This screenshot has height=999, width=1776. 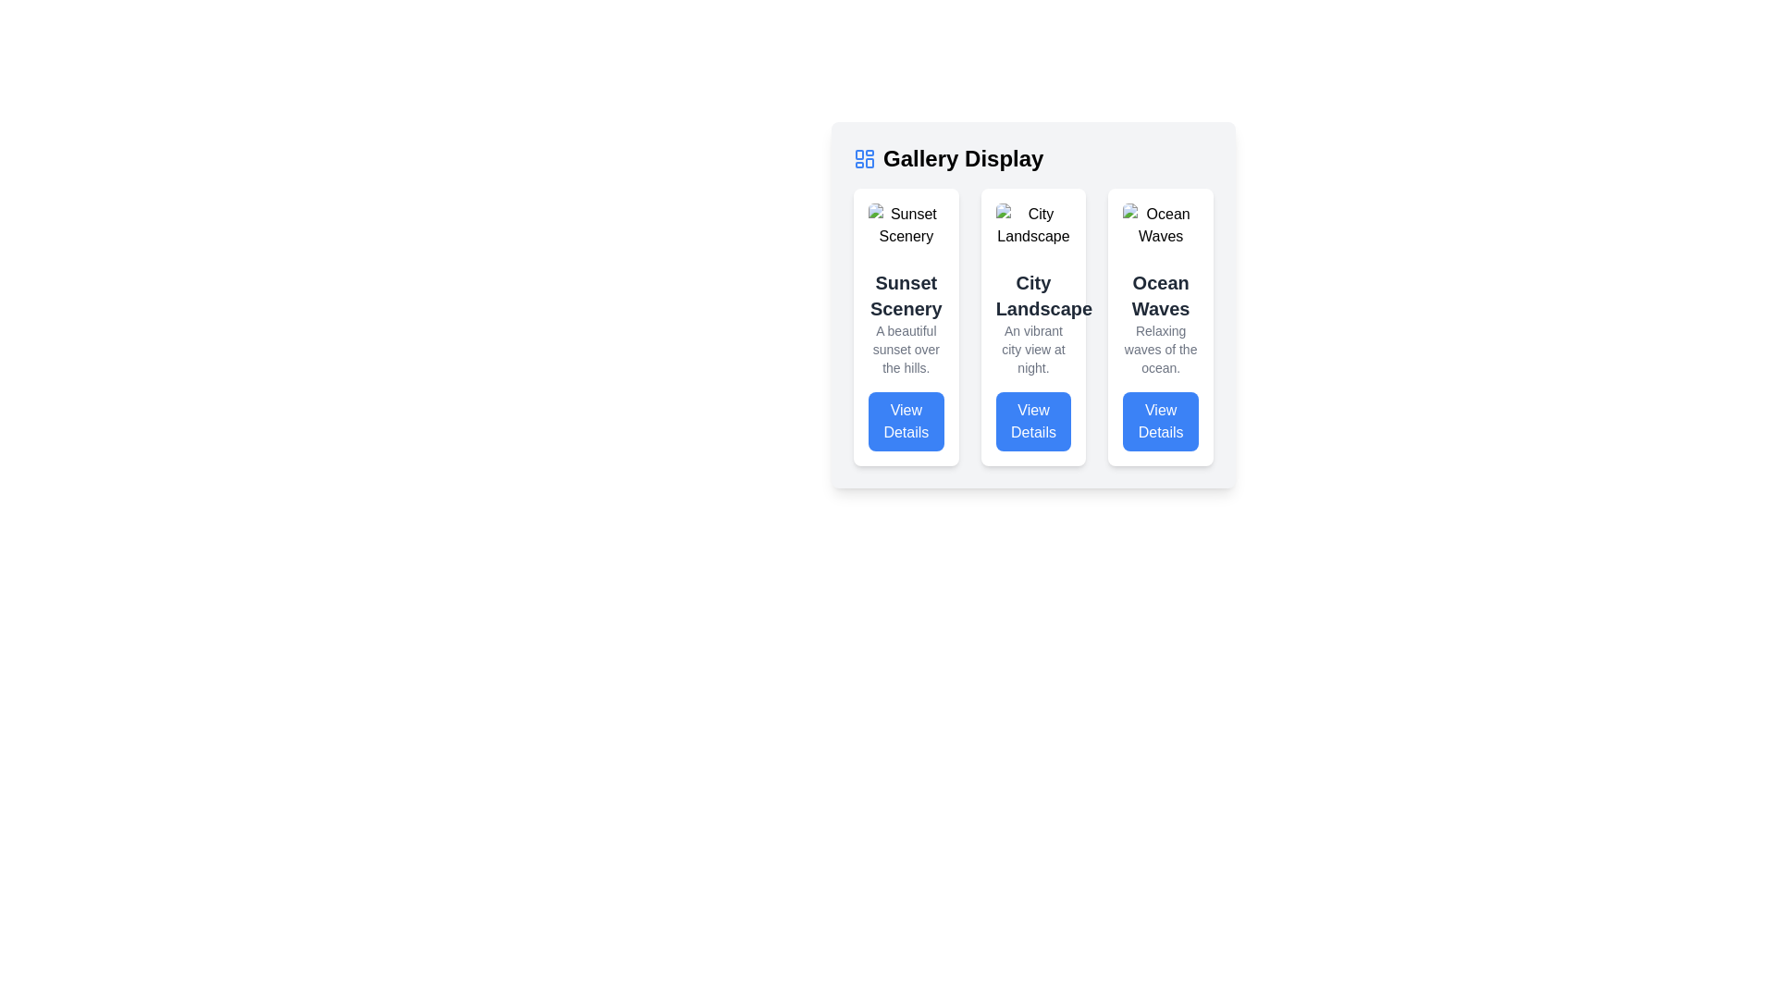 I want to click on the static text displaying 'A beautiful sunset over the hills.' which is located in the first card under the title 'Sunset Scenery' and above the button 'View Details', so click(x=906, y=350).